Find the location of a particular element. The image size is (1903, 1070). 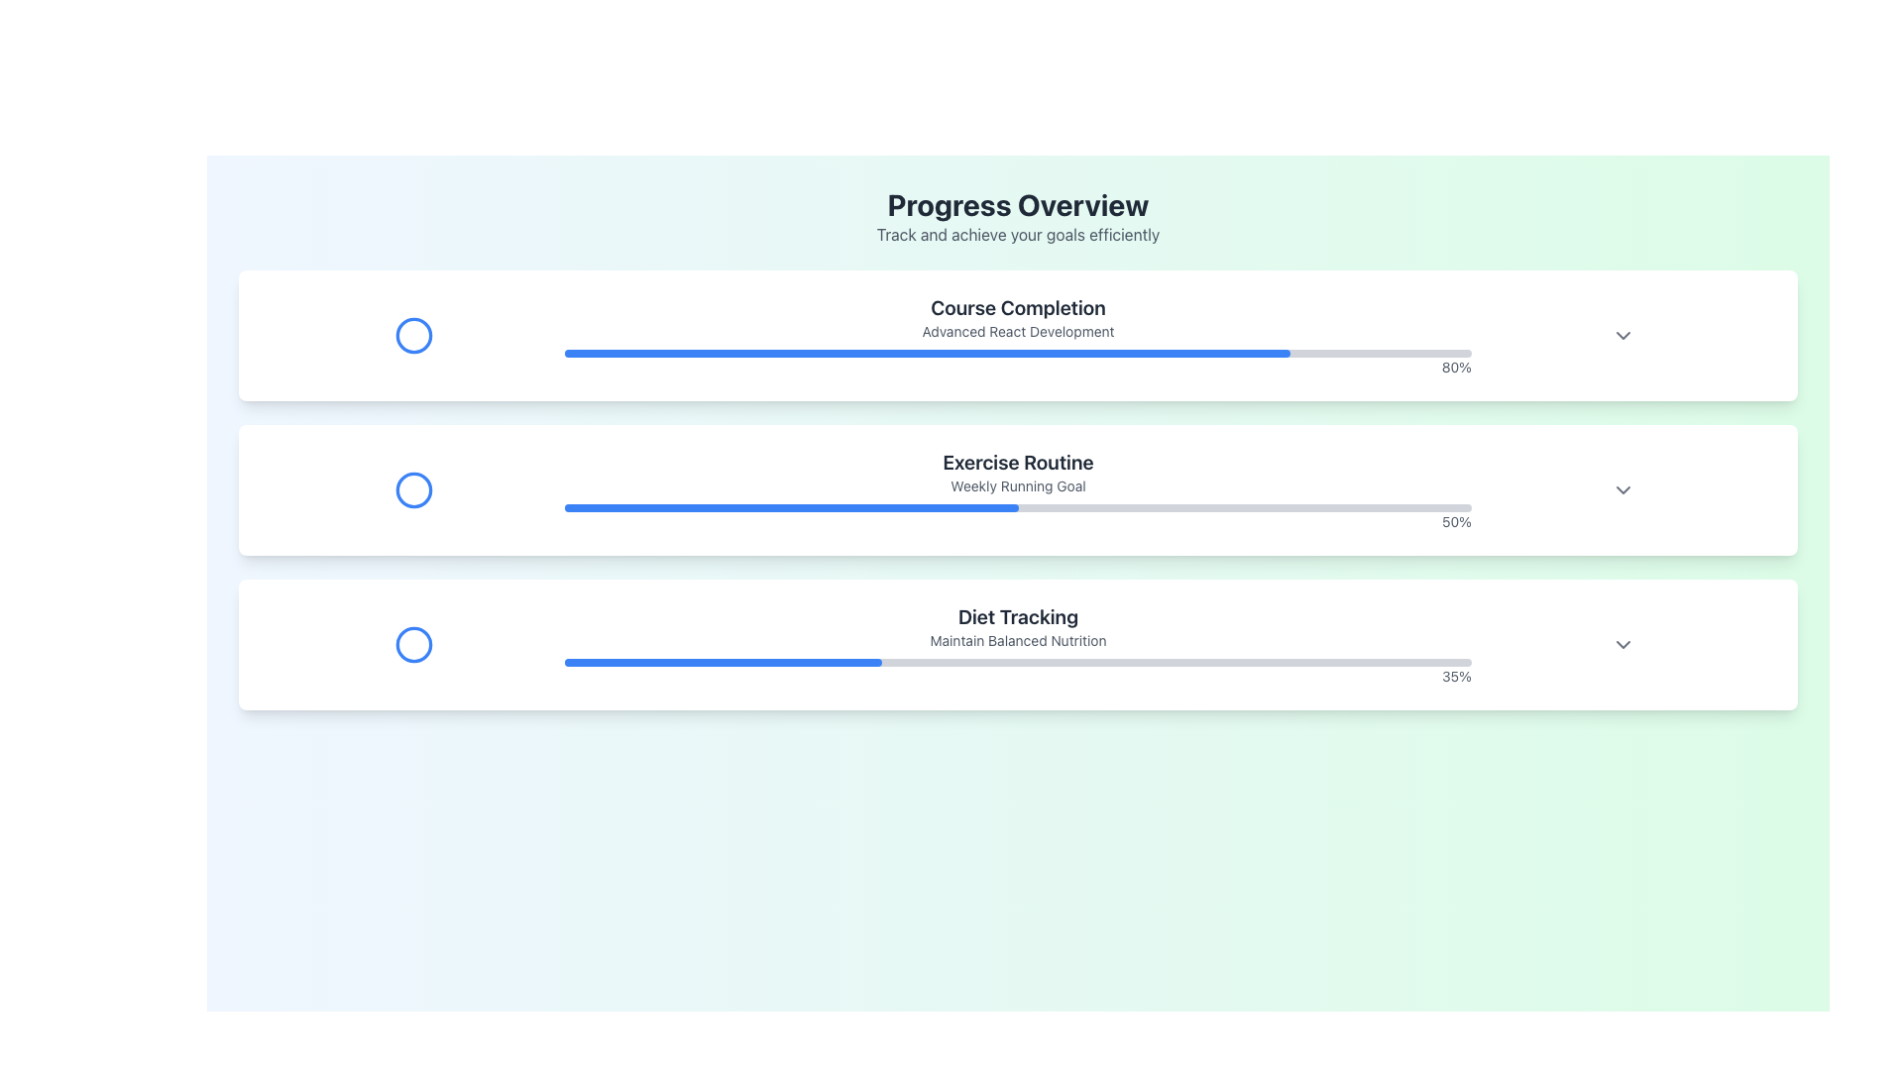

the prominent heading text label located at the top-center of the interface, which indicates the user's progress overview is located at coordinates (1018, 205).